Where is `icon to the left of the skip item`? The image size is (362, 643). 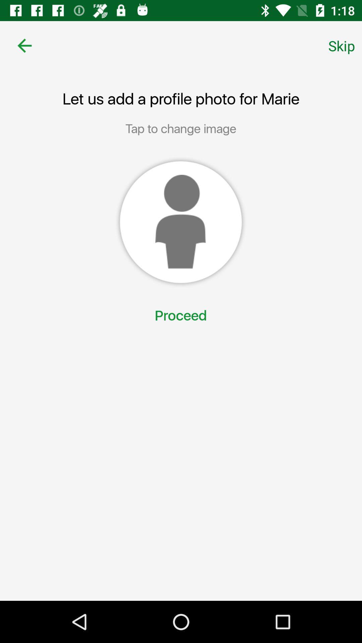
icon to the left of the skip item is located at coordinates (24, 45).